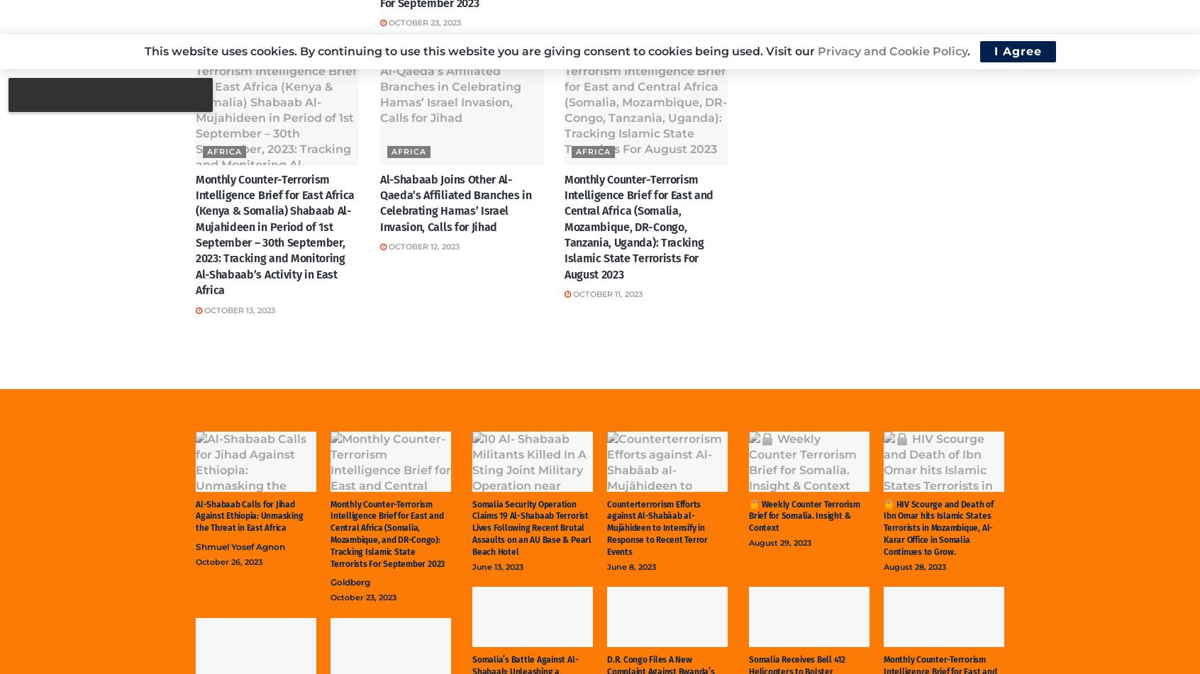  I want to click on 'Al-Shabaab Joins Other Al-Qaeda’s Affiliated Branches in Celebrating Hamas’ Israel Invasion, Calls for Jihad', so click(455, 202).